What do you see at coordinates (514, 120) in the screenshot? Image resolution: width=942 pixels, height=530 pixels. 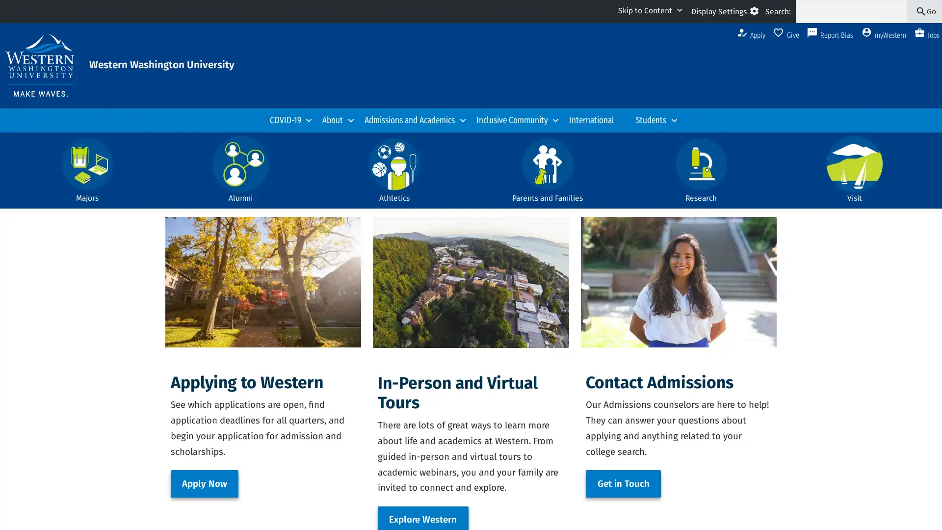 I see `Inclusive Community` at bounding box center [514, 120].